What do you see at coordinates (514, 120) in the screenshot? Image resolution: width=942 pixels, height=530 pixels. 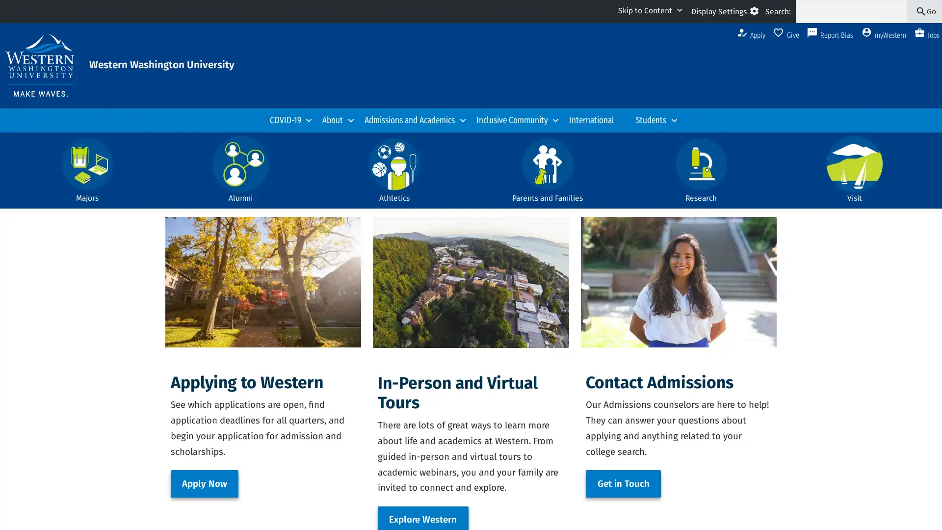 I see `Inclusive Community` at bounding box center [514, 120].